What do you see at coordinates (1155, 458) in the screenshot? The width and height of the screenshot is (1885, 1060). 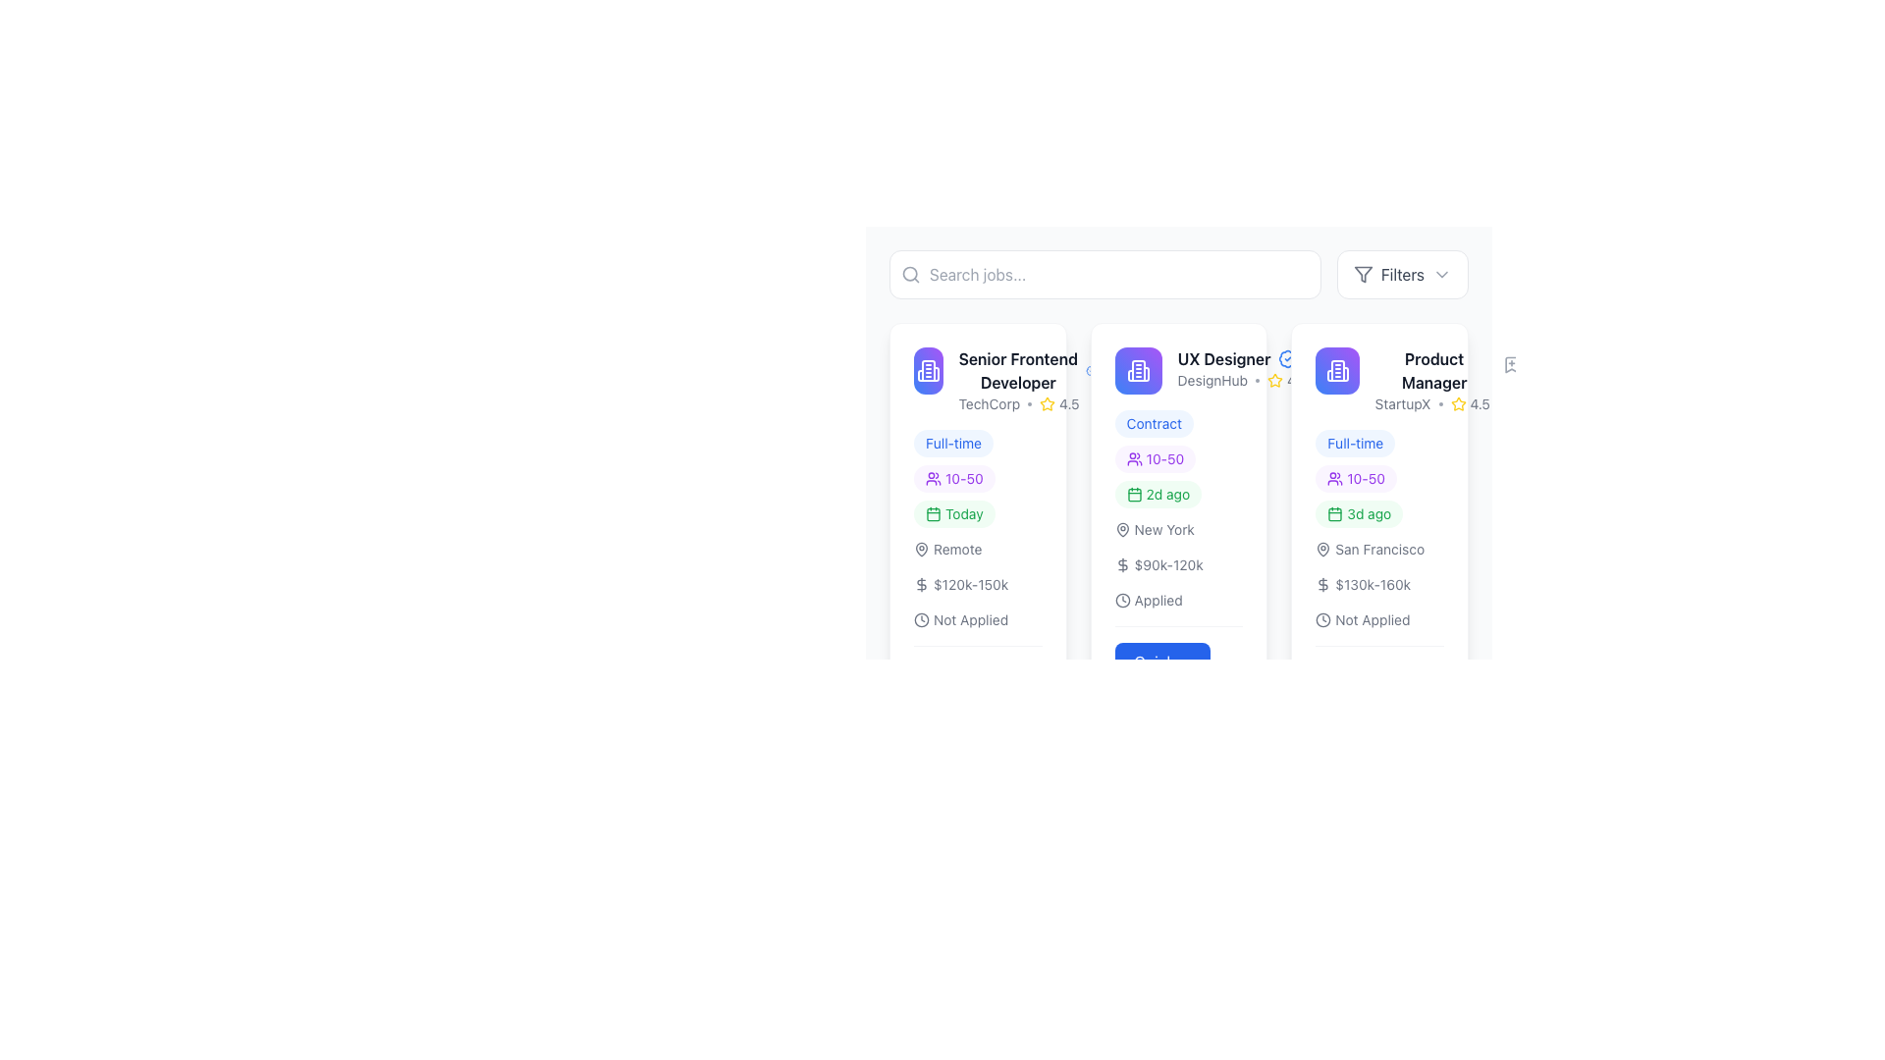 I see `the team size label located below the 'Contract' badge and above the '2d ago' badge in the vertical layout of the card` at bounding box center [1155, 458].